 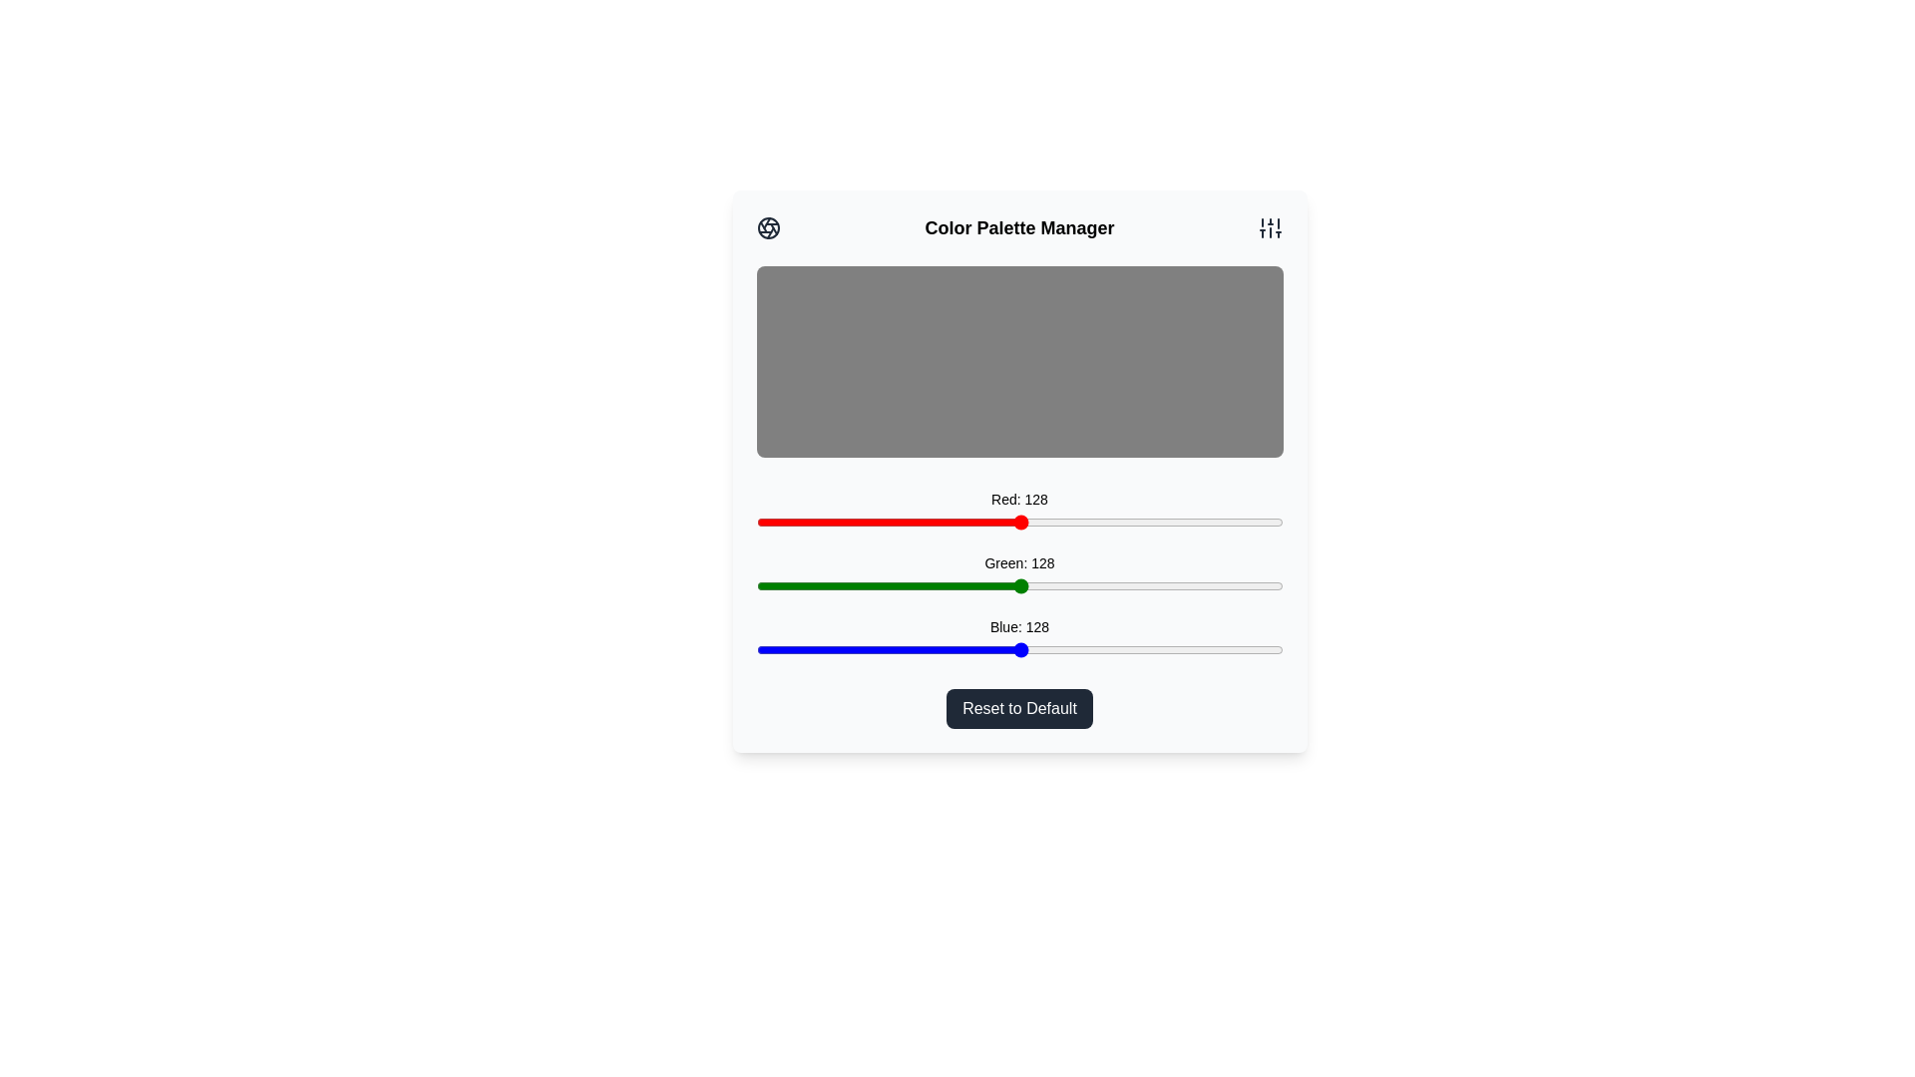 I want to click on the 'Reset to Default' button to reset all colors to their default values, so click(x=1019, y=707).